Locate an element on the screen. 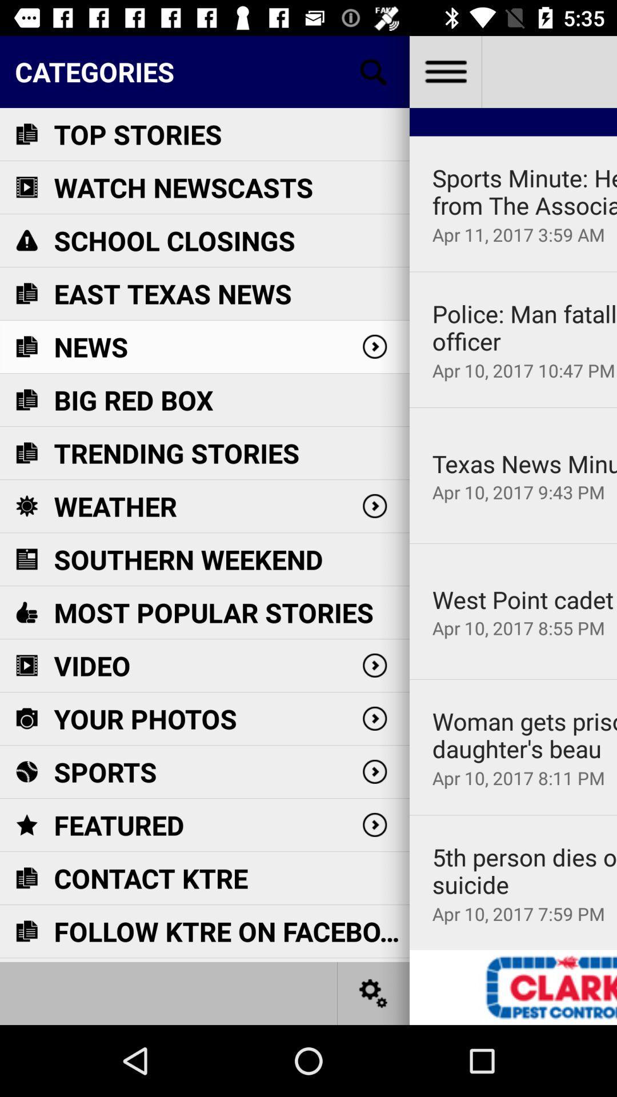 This screenshot has width=617, height=1097. the search icon is located at coordinates (374, 71).